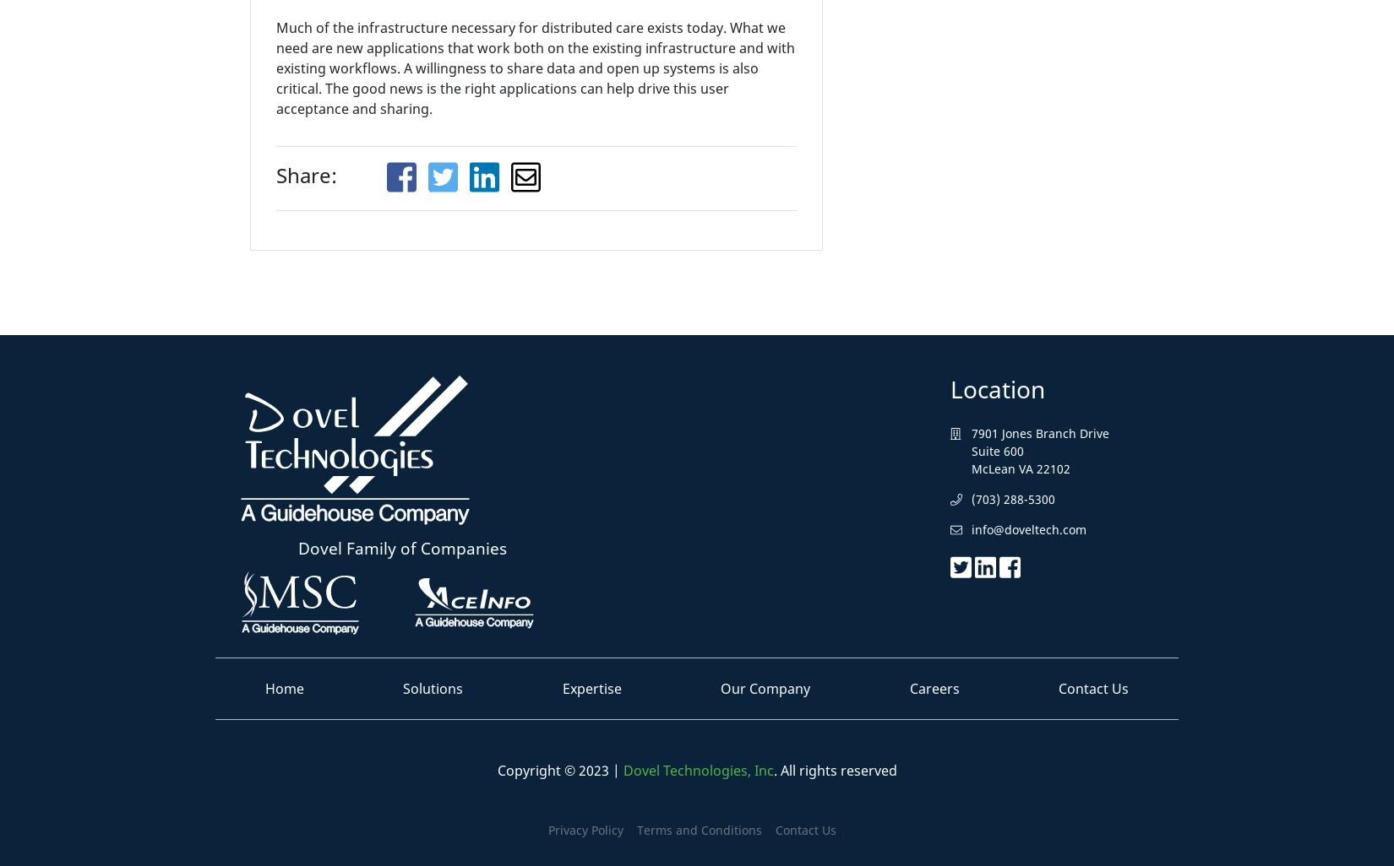 The width and height of the screenshot is (1394, 866). I want to click on 'McLean VA 22102', so click(1021, 468).